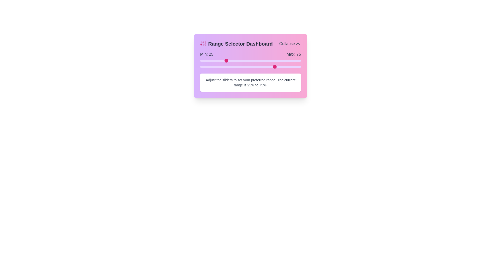 The image size is (484, 272). Describe the element at coordinates (299, 66) in the screenshot. I see `the maximum range slider to 98%` at that location.